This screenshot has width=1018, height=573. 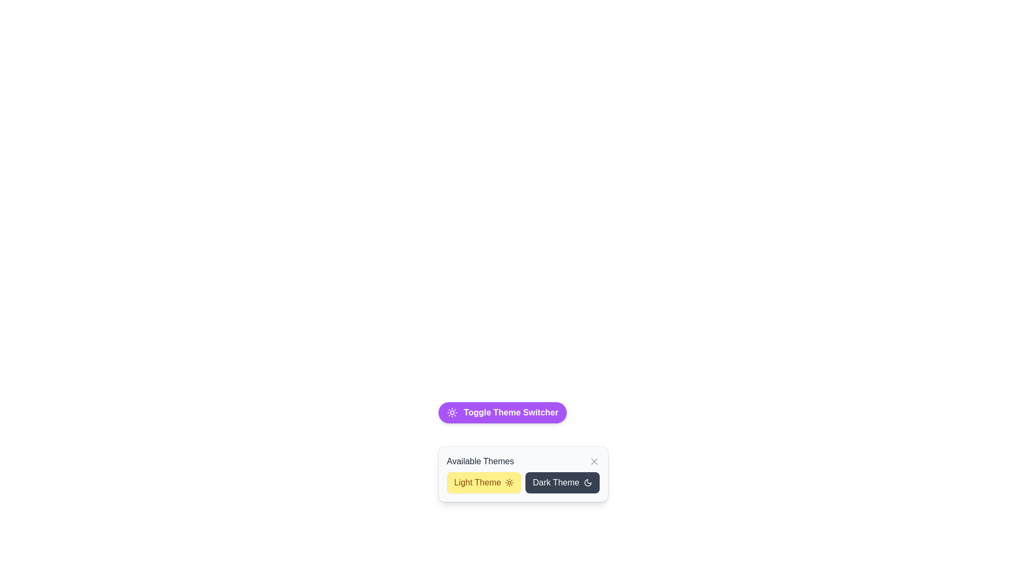 What do you see at coordinates (483, 483) in the screenshot?
I see `the 'Light Theme' button with a sun icon, which is a rectangular button with rounded corners and a yellow background` at bounding box center [483, 483].